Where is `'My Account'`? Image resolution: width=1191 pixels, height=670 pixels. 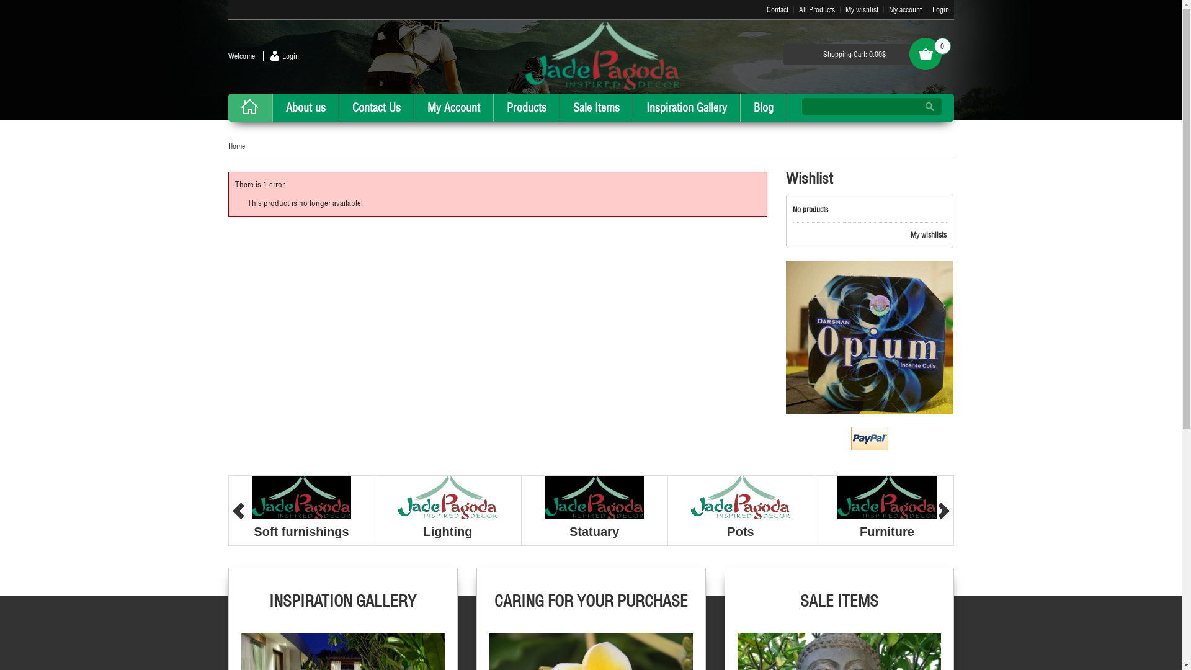 'My Account' is located at coordinates (414, 107).